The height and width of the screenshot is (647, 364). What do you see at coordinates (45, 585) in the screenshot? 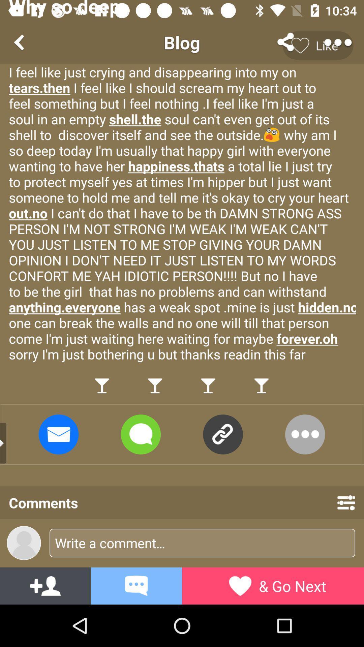
I see `the font icon` at bounding box center [45, 585].